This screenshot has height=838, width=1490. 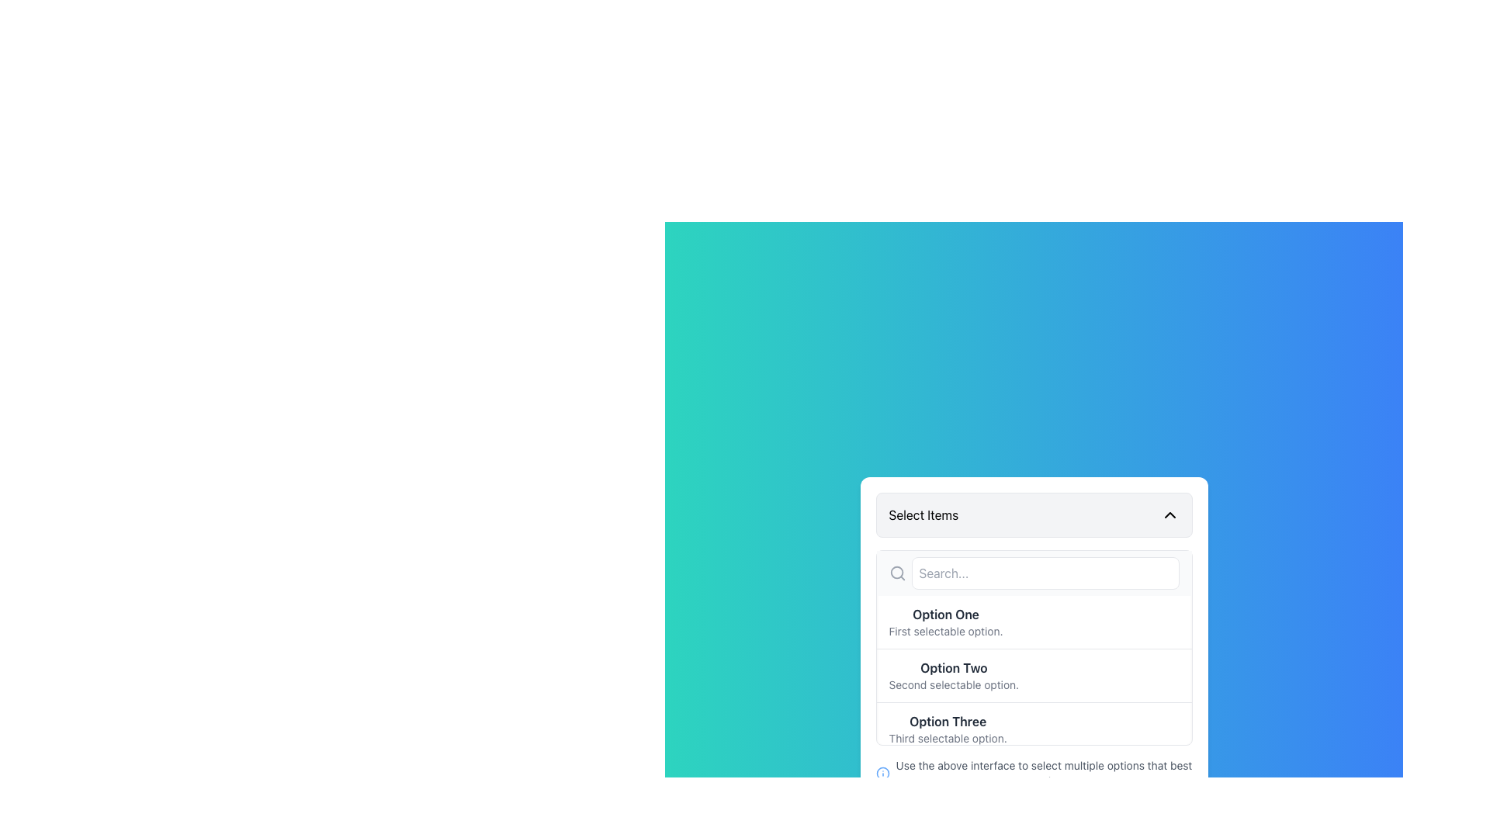 I want to click on the text label that reads 'Third selectable option.' It is styled in a small gray font and positioned directly below the 'Option Three' text label in the dropdown menu, so click(x=947, y=738).